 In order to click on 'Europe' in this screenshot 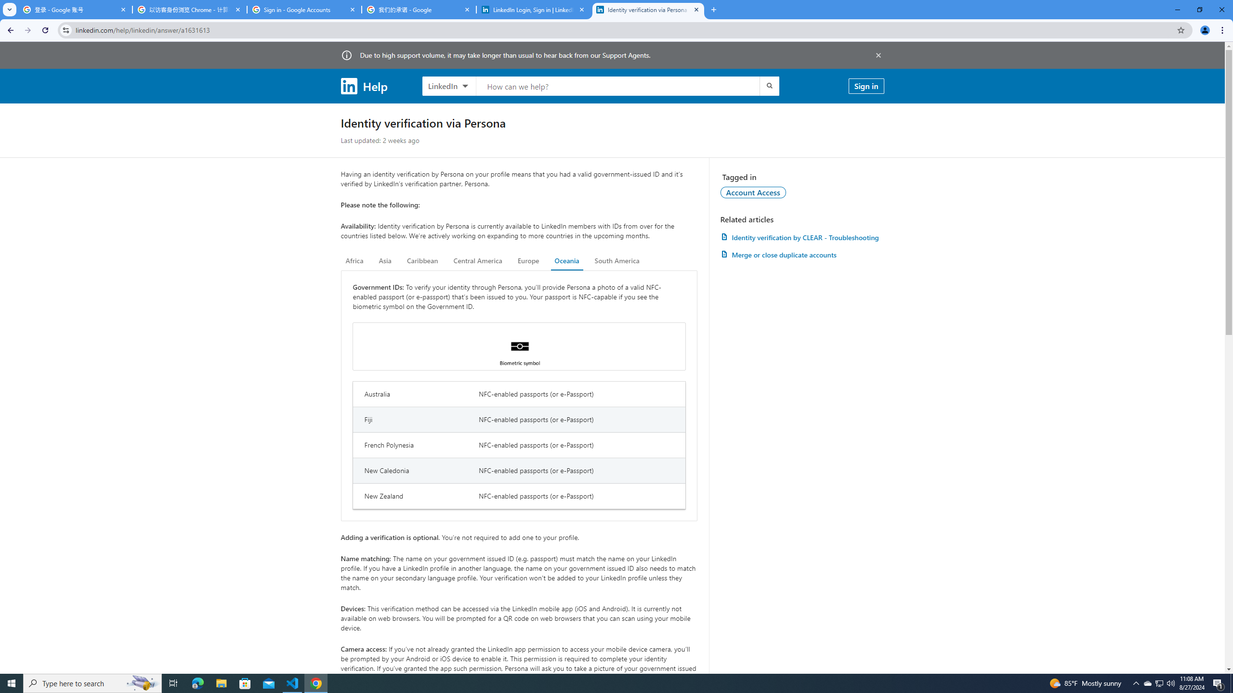, I will do `click(528, 260)`.